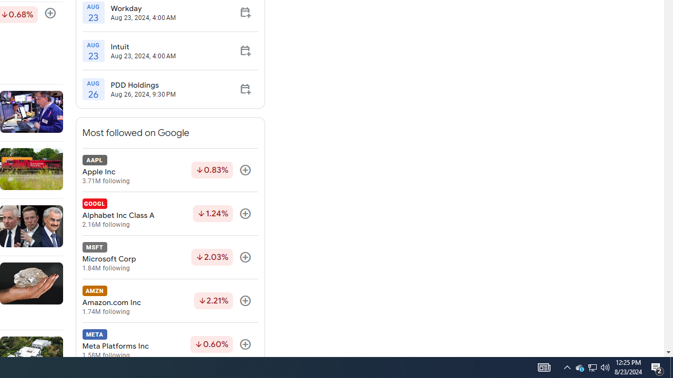 The height and width of the screenshot is (378, 673). What do you see at coordinates (244, 345) in the screenshot?
I see `'Follow'` at bounding box center [244, 345].